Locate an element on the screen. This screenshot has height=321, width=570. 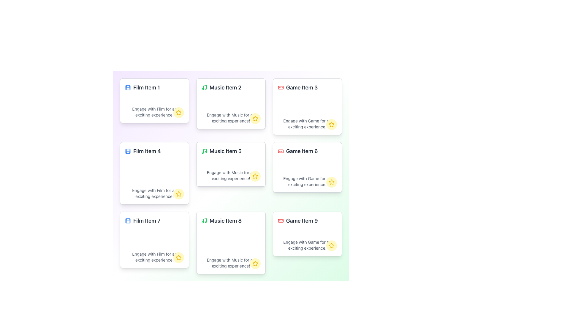
the text label 'Music Item 5' which is styled in bold and larger dark gray font, located in the middle column of the second row of content cards is located at coordinates (225, 151).